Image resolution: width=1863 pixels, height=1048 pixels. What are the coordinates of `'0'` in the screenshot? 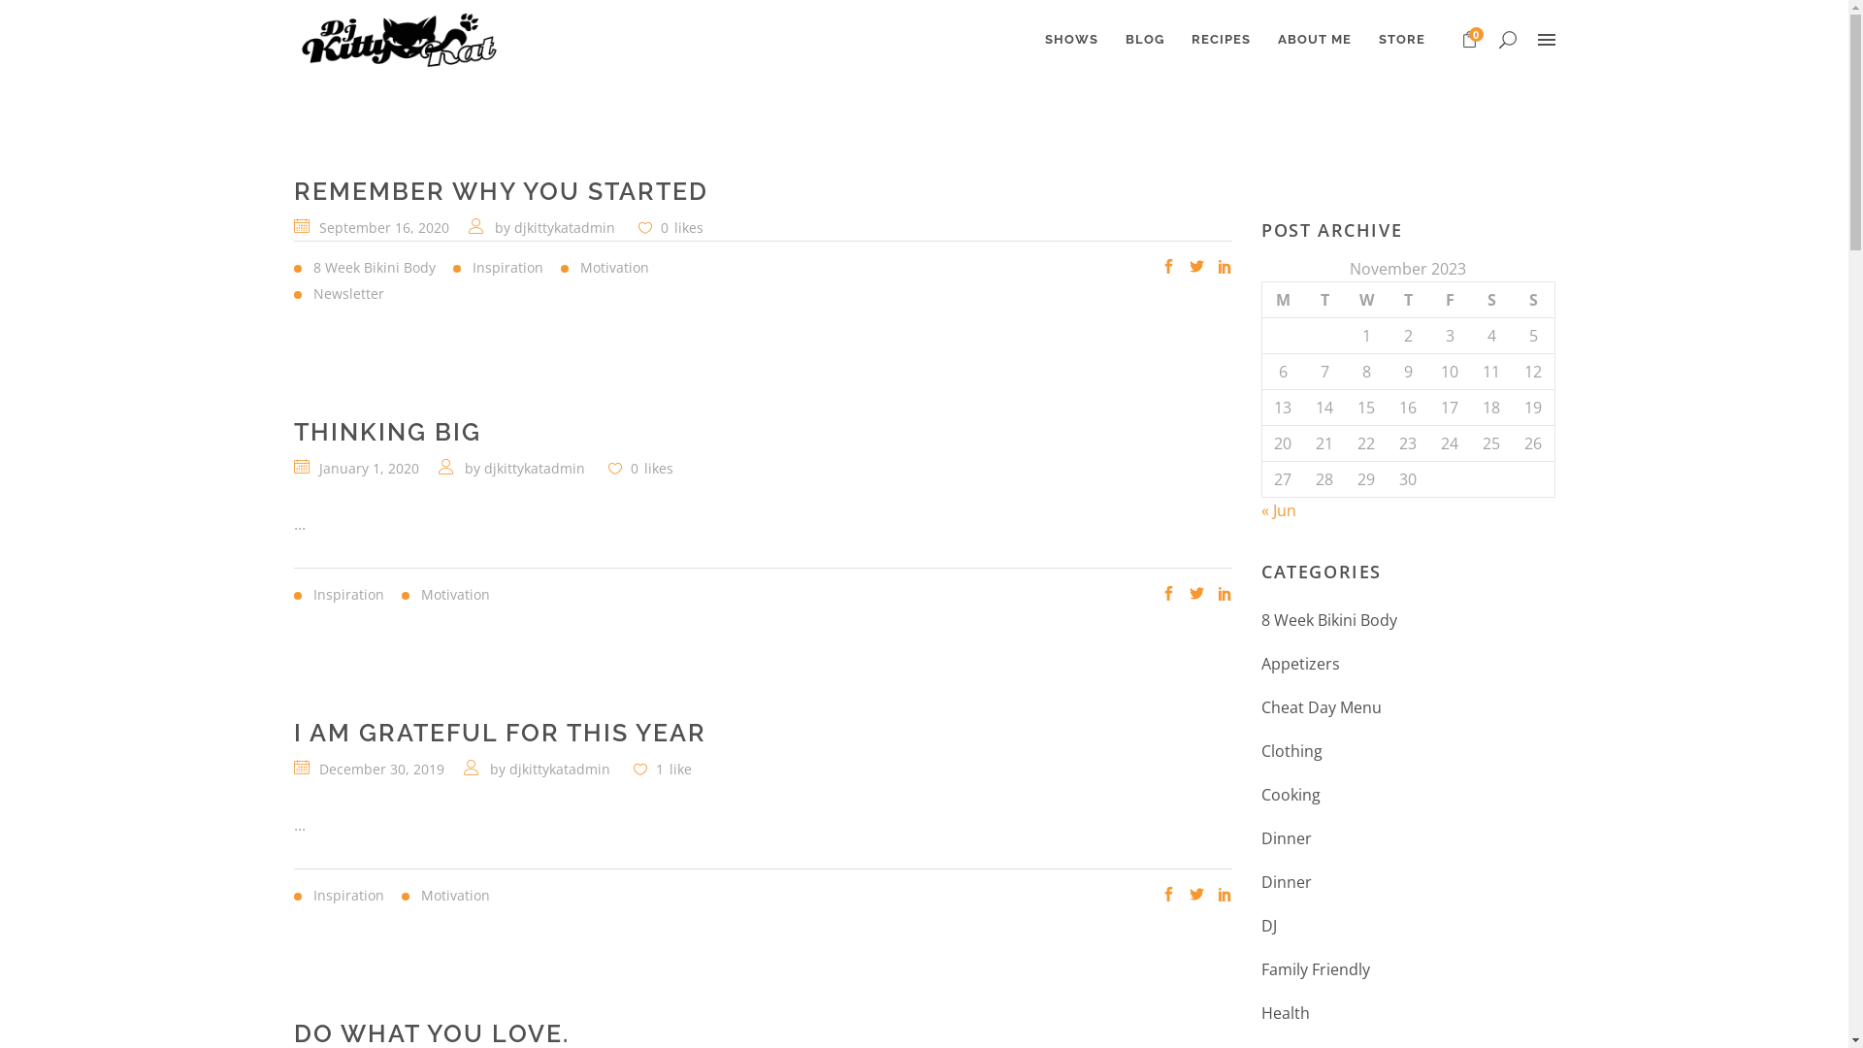 It's located at (1461, 41).